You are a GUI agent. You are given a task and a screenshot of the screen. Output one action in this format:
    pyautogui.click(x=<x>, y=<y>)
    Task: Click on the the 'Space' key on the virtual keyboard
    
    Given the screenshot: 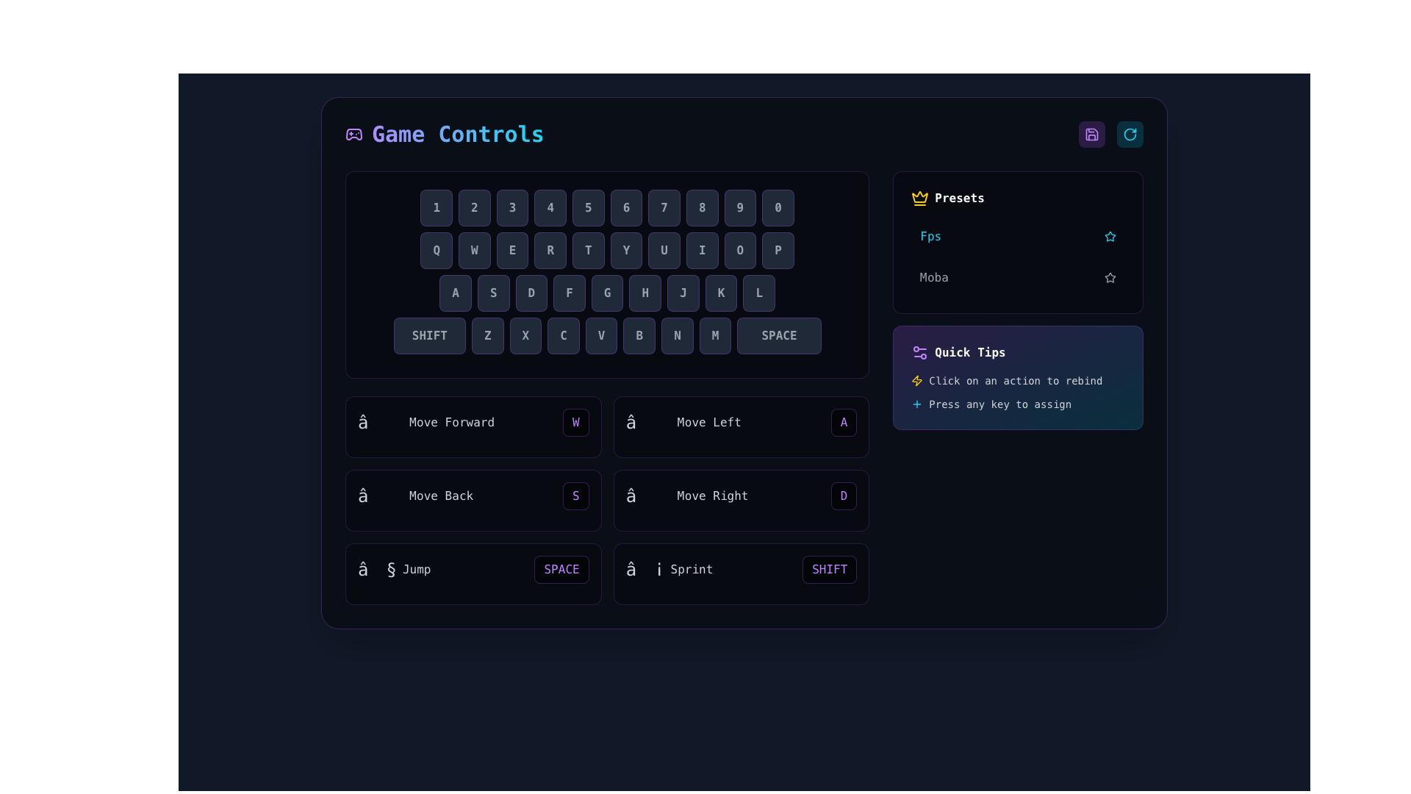 What is the action you would take?
    pyautogui.click(x=778, y=335)
    